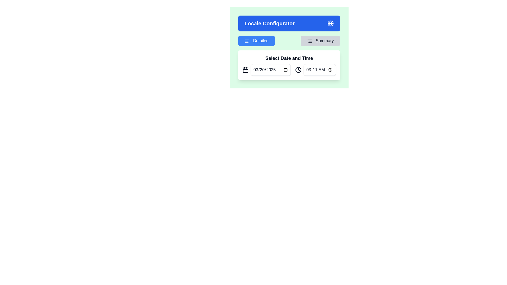 The image size is (507, 285). What do you see at coordinates (330, 23) in the screenshot?
I see `the SVG Circle that is part of the globe icon located on the right side of the blue header bar containing 'Locale Configurator'` at bounding box center [330, 23].